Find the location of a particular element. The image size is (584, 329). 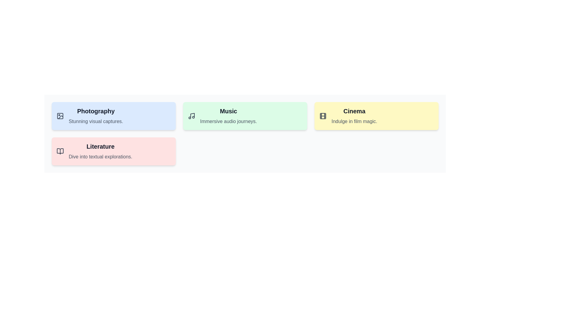

text label that serves as the header for the light blue rectangular card, located in the upper left corner and above the caption 'Stunning visual captures.' is located at coordinates (96, 111).